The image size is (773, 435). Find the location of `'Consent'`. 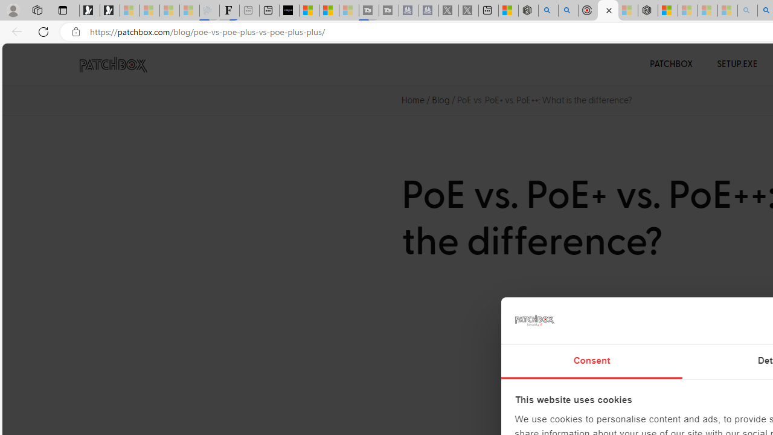

'Consent' is located at coordinates (591, 361).